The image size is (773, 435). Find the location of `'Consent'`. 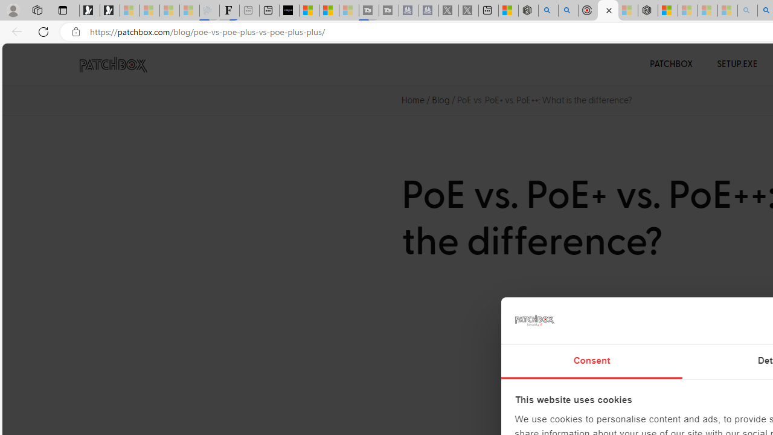

'Consent' is located at coordinates (591, 361).